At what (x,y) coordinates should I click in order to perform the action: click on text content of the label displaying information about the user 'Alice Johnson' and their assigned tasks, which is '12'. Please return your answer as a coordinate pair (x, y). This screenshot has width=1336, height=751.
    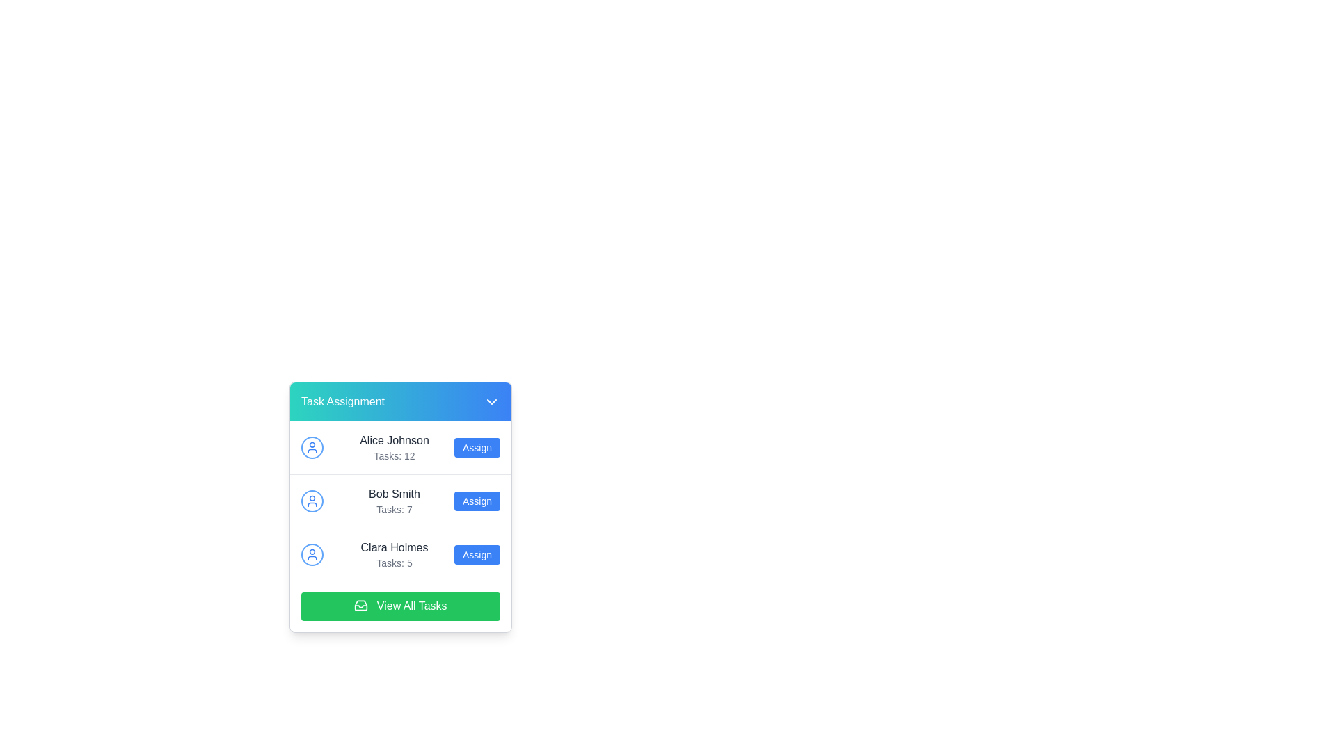
    Looking at the image, I should click on (393, 448).